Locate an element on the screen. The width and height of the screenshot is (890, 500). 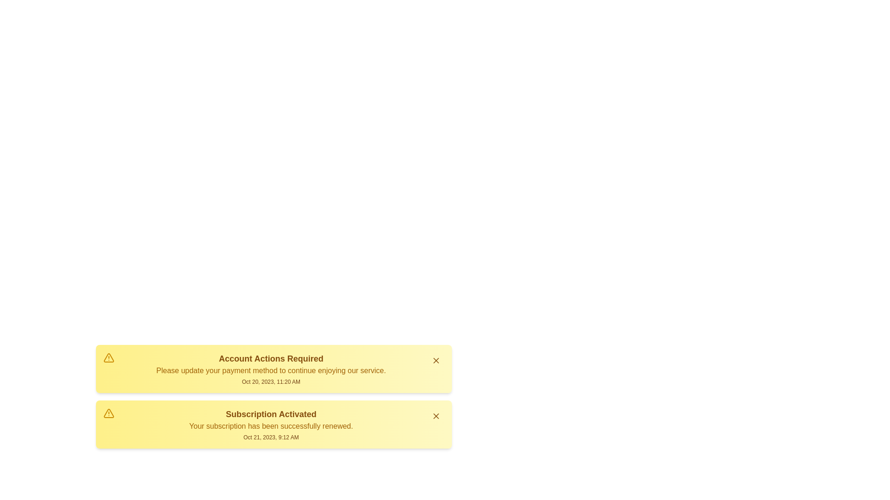
the warning icon to understand its functionality is located at coordinates (109, 357).